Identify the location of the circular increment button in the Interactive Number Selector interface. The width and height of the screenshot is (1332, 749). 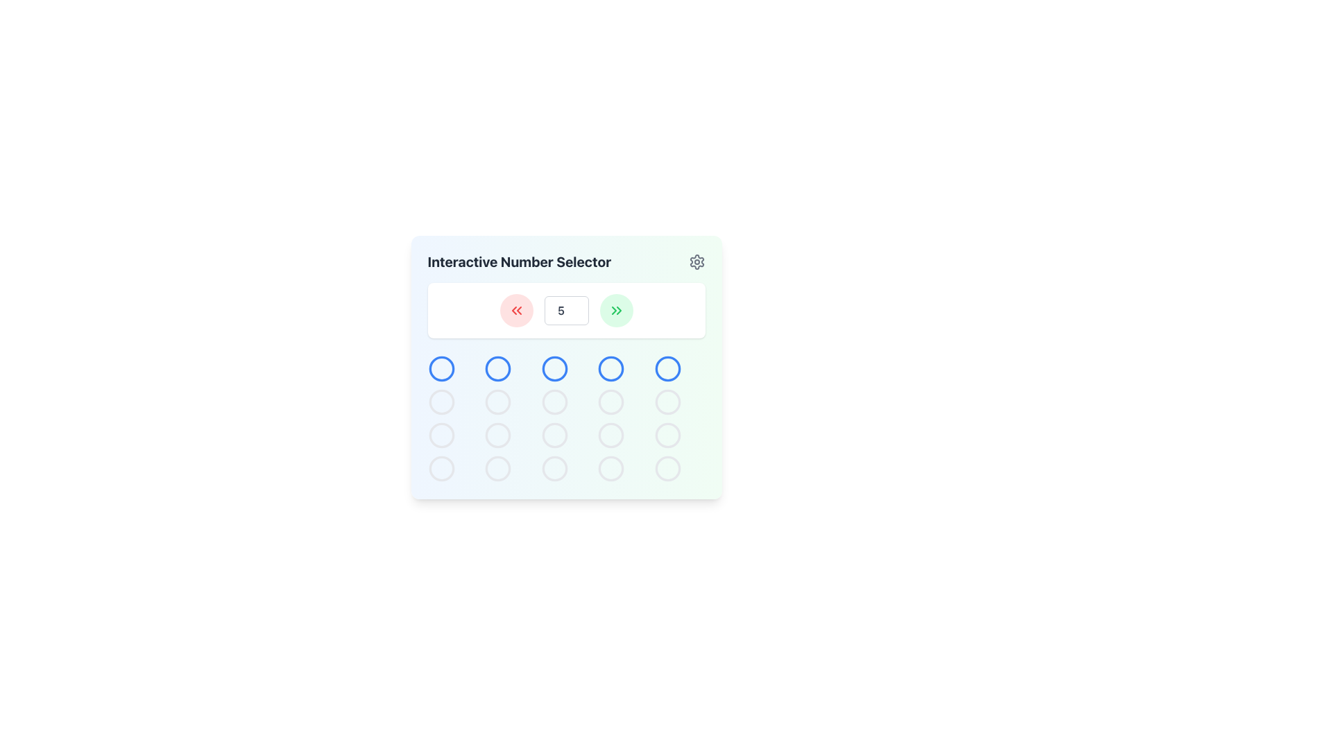
(615, 309).